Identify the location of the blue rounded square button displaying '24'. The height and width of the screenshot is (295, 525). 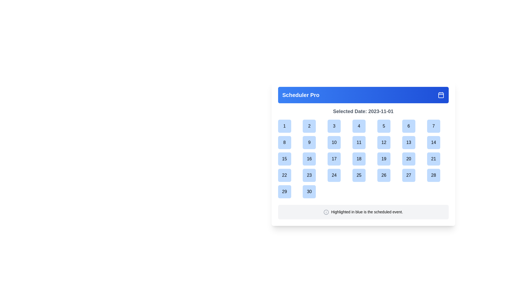
(334, 175).